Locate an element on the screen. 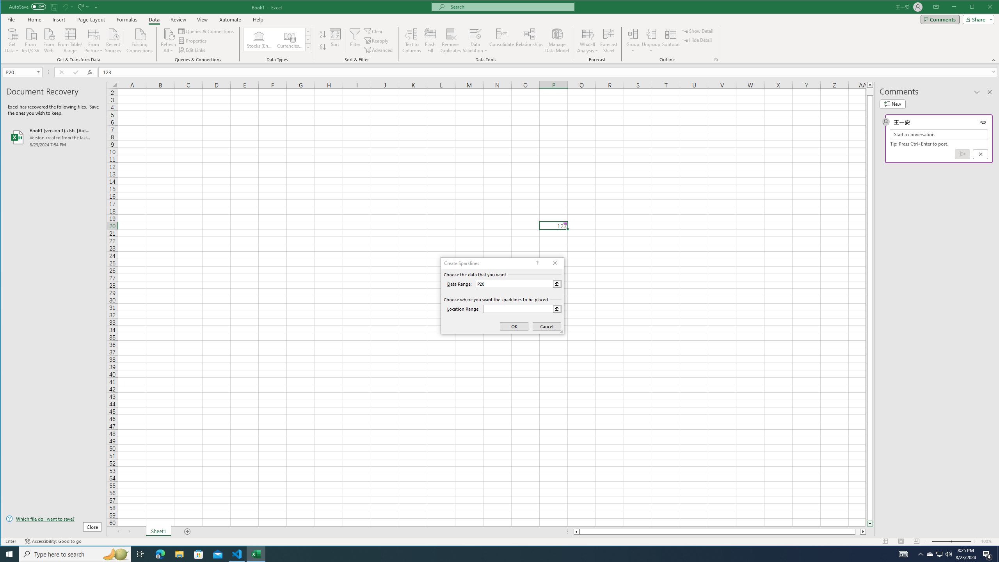 The height and width of the screenshot is (562, 999). 'From Picture' is located at coordinates (94, 40).